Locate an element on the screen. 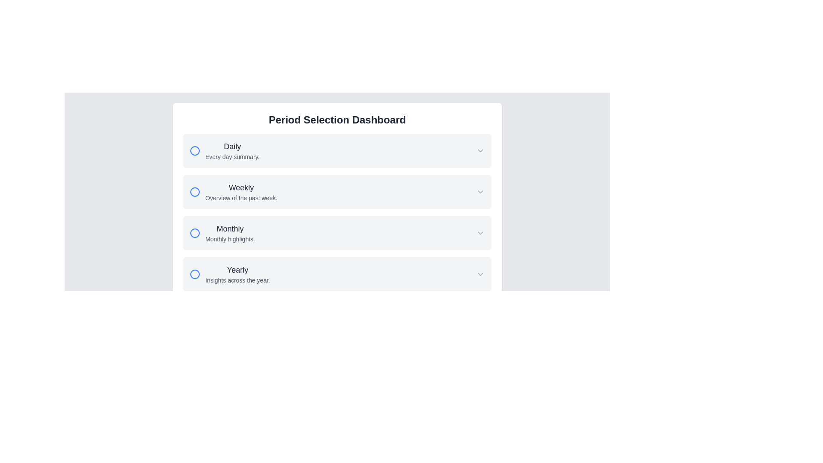 The image size is (823, 463). the Radio Button Indicator for the 'Weekly' choice in the Period Selection Dashboard, which is positioned in the second slot adjacent to 'Weekly: Overview of the past week.' is located at coordinates (195, 191).